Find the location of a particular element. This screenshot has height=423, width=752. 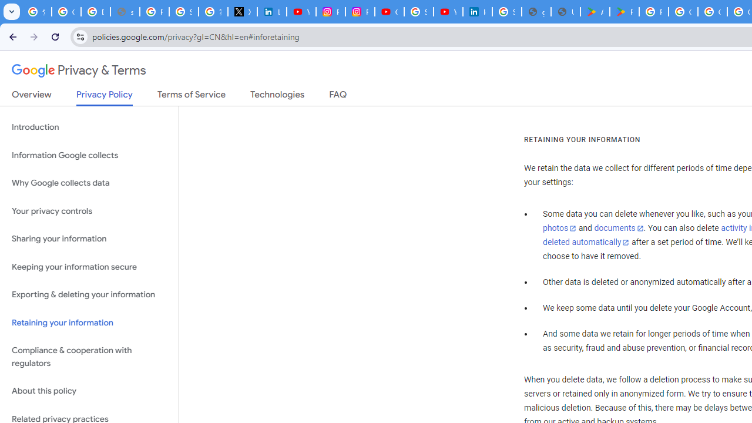

'Google Workspace - Specific Terms' is located at coordinates (711, 12).